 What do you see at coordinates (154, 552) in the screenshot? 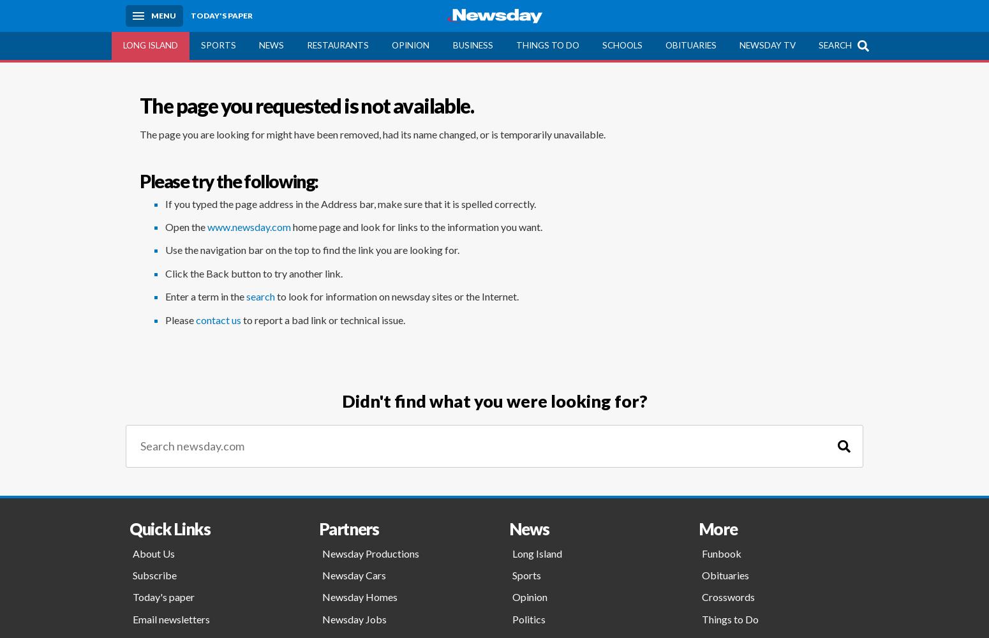
I see `'About Us'` at bounding box center [154, 552].